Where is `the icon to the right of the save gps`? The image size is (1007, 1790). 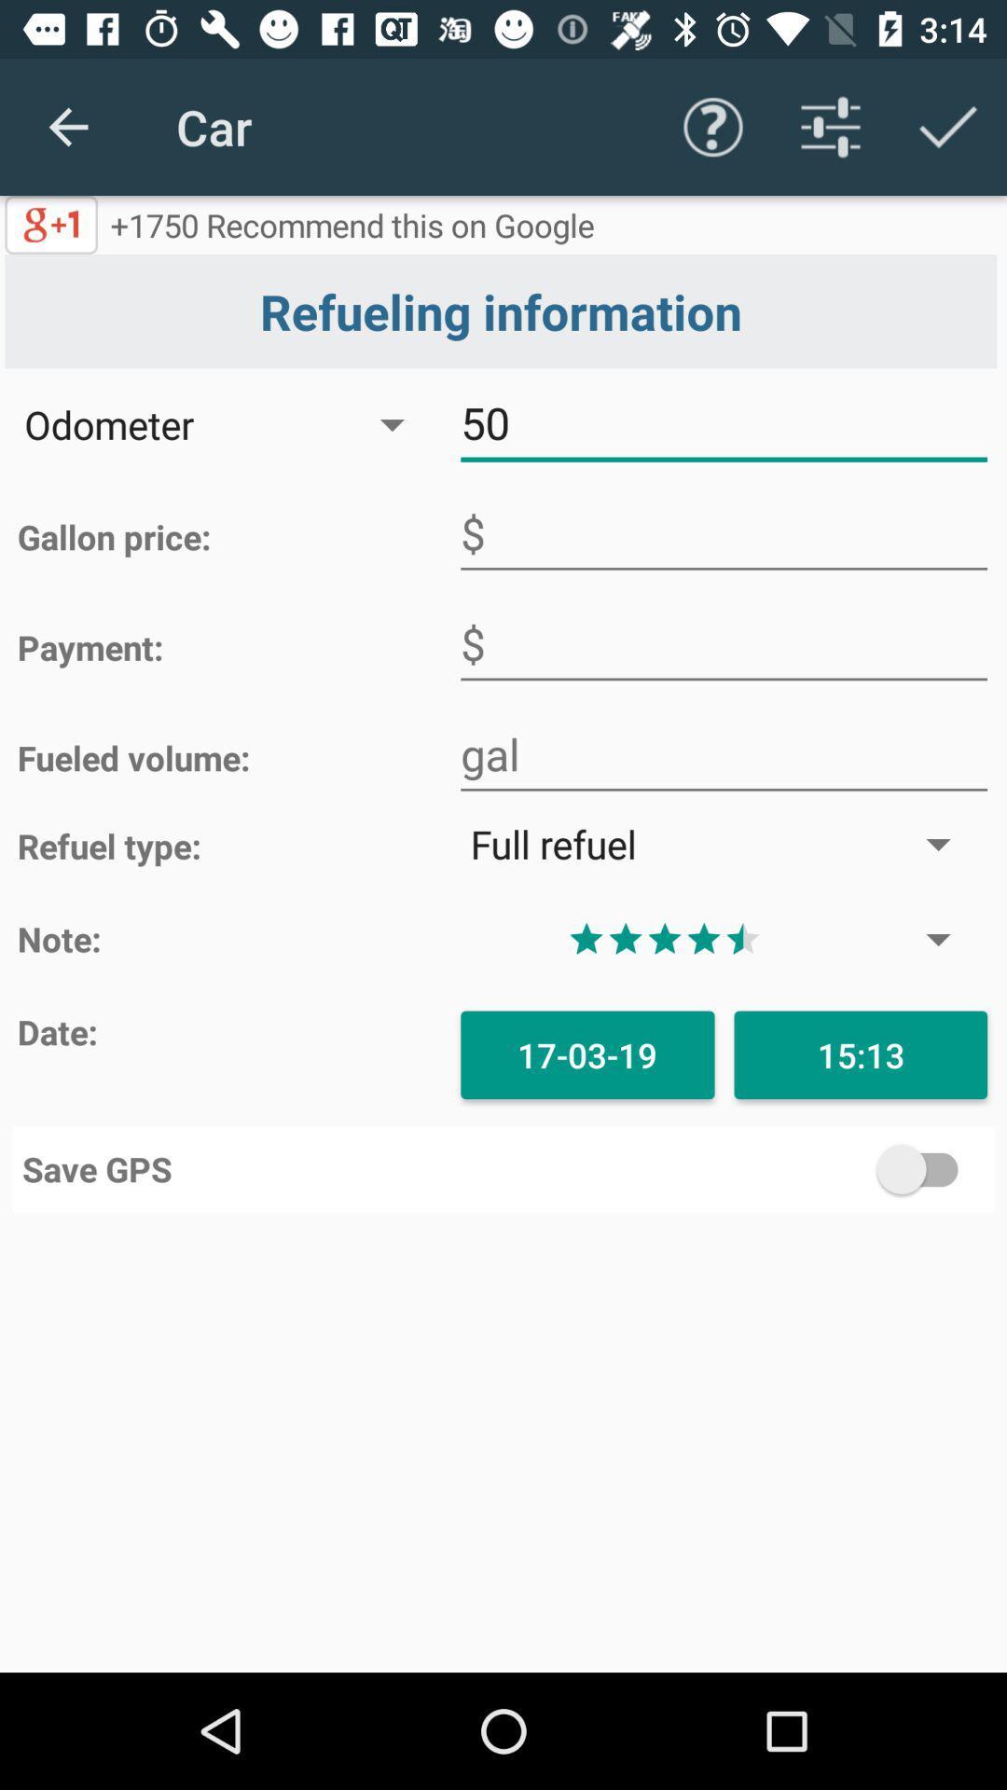
the icon to the right of the save gps is located at coordinates (743, 1168).